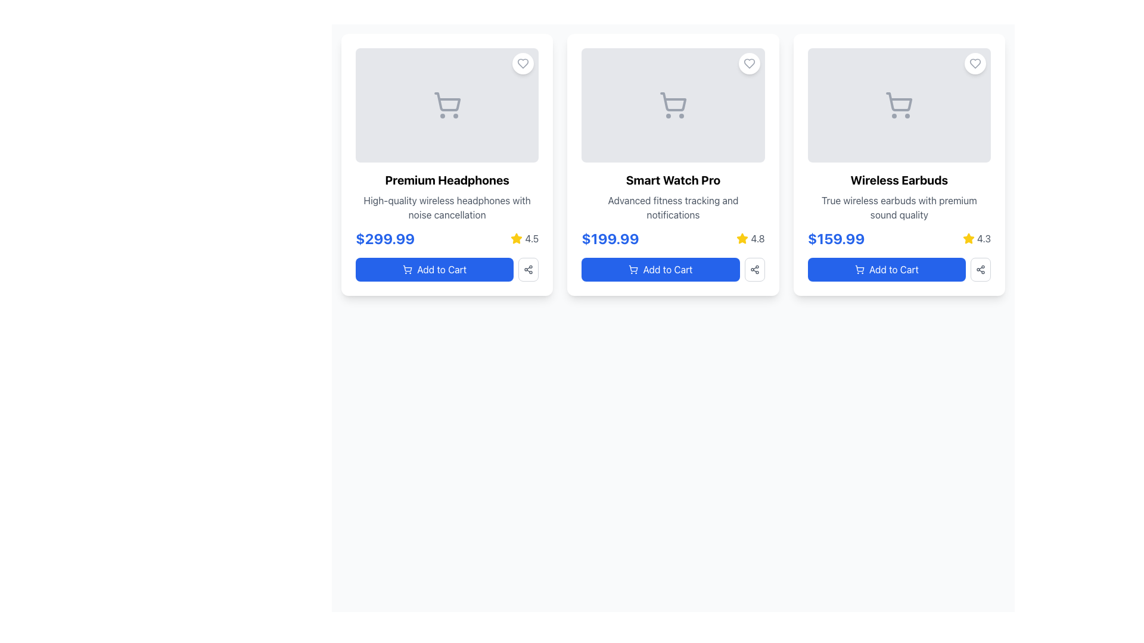  What do you see at coordinates (673, 269) in the screenshot?
I see `the 'Add to Cart' button located at the bottom-center of the 'Smart Watch Pro' card by tabbing to it` at bounding box center [673, 269].